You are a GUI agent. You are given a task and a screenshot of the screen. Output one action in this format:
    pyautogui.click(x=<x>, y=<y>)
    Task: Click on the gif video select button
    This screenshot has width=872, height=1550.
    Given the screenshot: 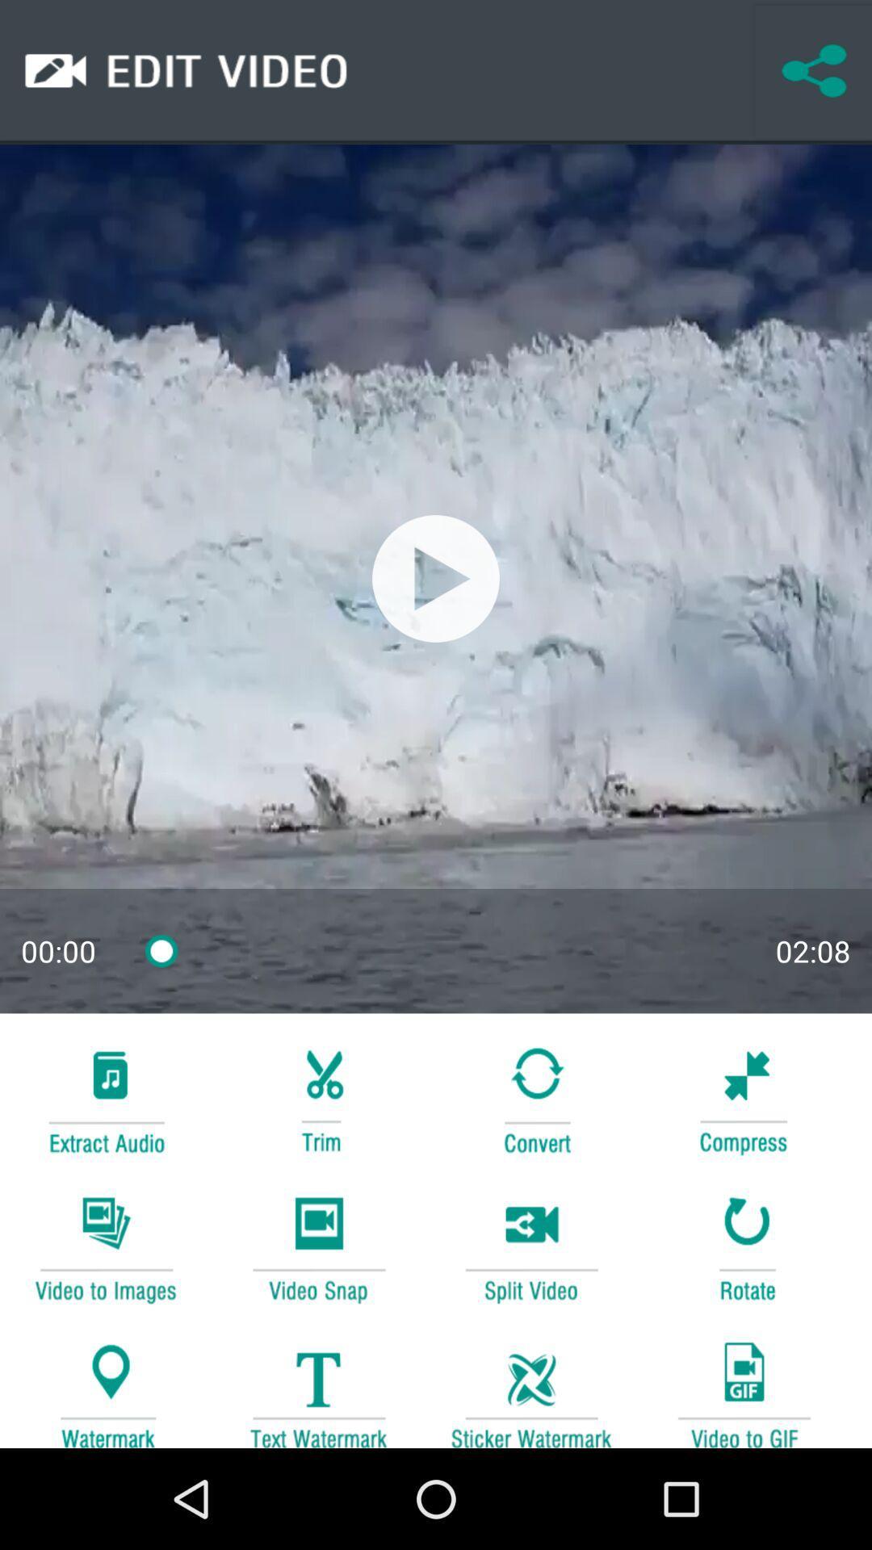 What is the action you would take?
    pyautogui.click(x=744, y=1386)
    